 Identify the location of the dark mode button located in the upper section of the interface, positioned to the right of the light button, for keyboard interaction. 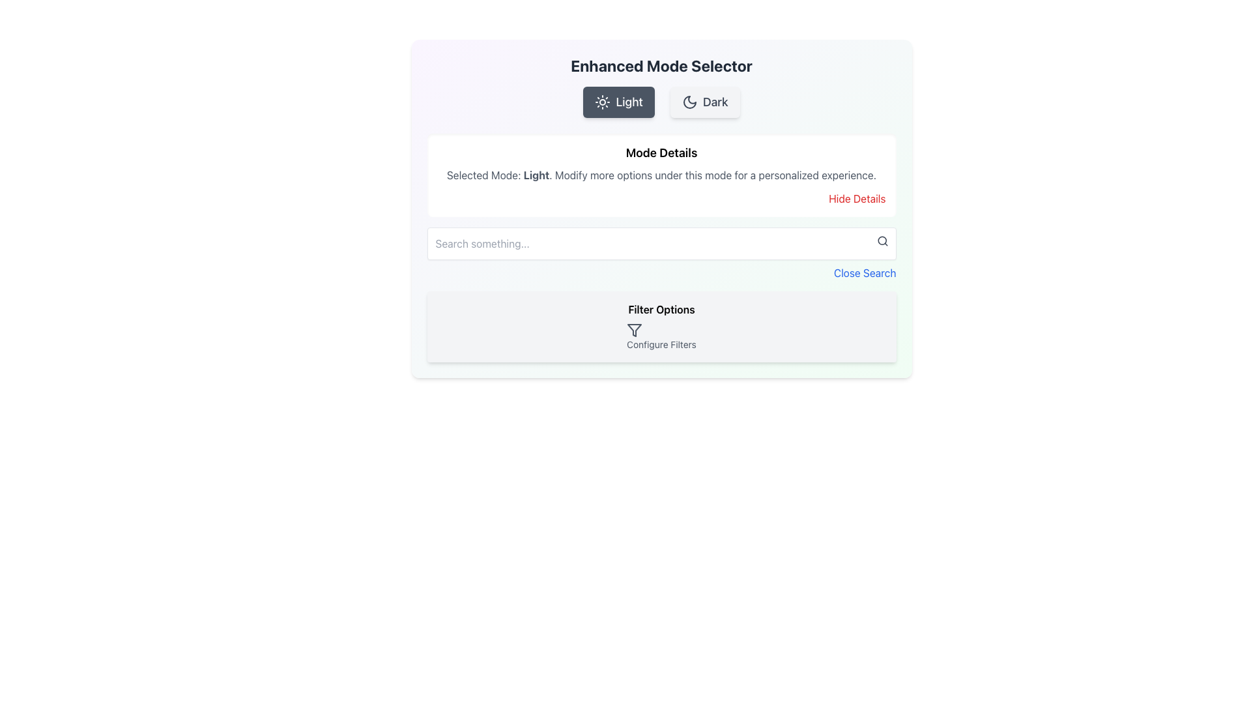
(704, 102).